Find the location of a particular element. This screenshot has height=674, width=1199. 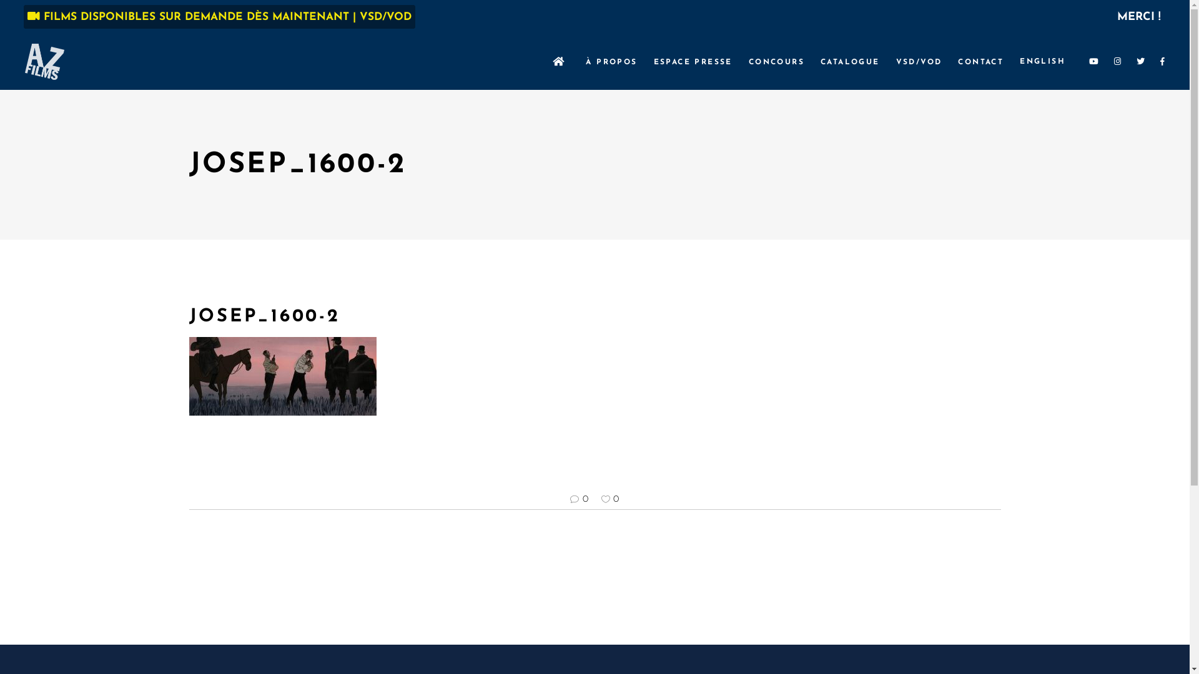

'0' is located at coordinates (578, 499).